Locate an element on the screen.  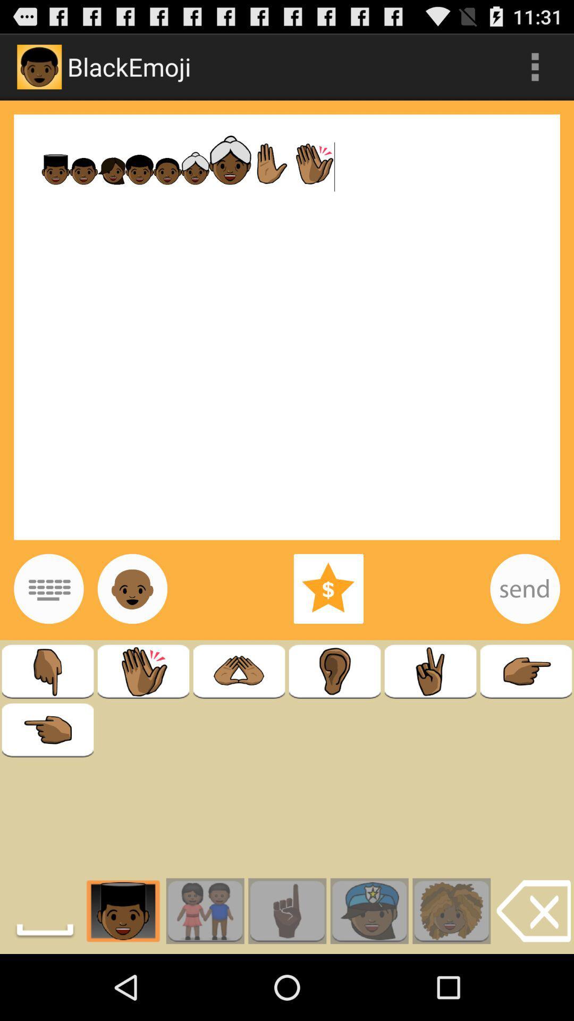
the button is used to key pad is located at coordinates (48, 588).